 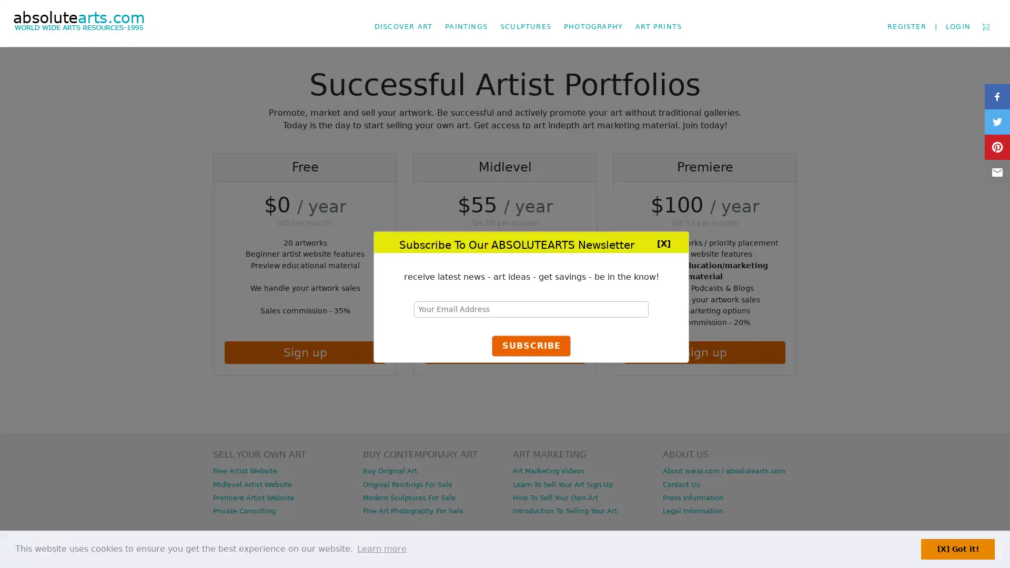 I want to click on learn more about cookies, so click(x=381, y=549).